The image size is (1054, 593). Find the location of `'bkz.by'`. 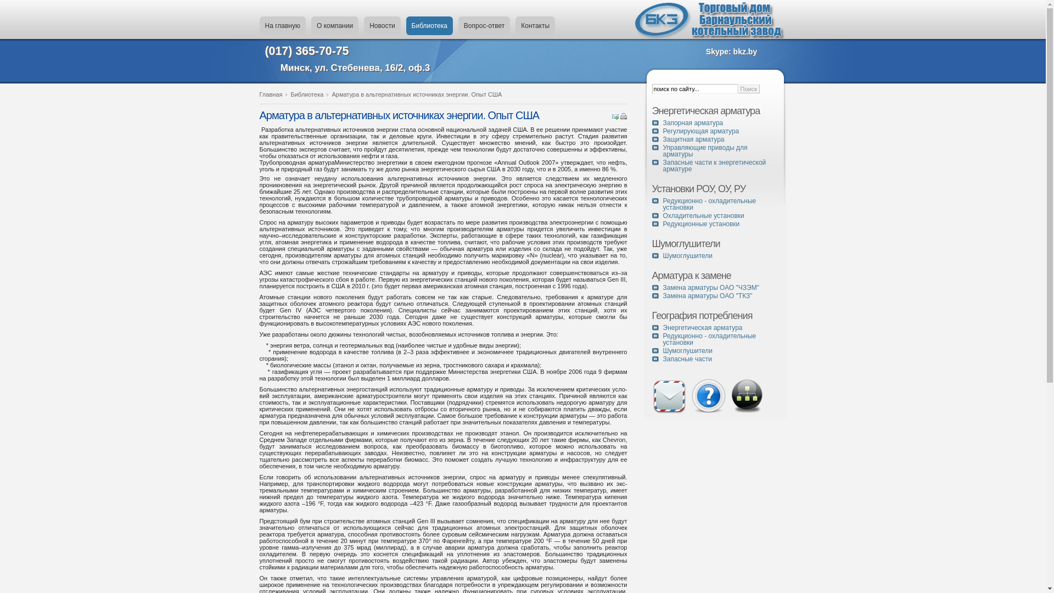

'bkz.by' is located at coordinates (745, 51).